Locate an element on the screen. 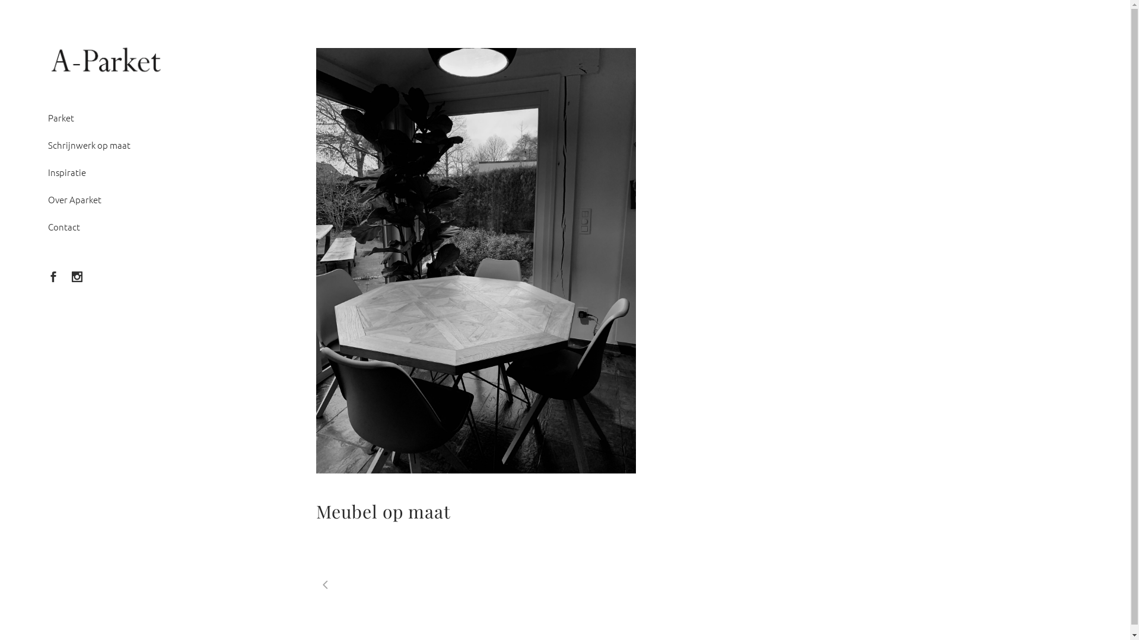 This screenshot has width=1139, height=640. 'IMG_7801' is located at coordinates (475, 260).